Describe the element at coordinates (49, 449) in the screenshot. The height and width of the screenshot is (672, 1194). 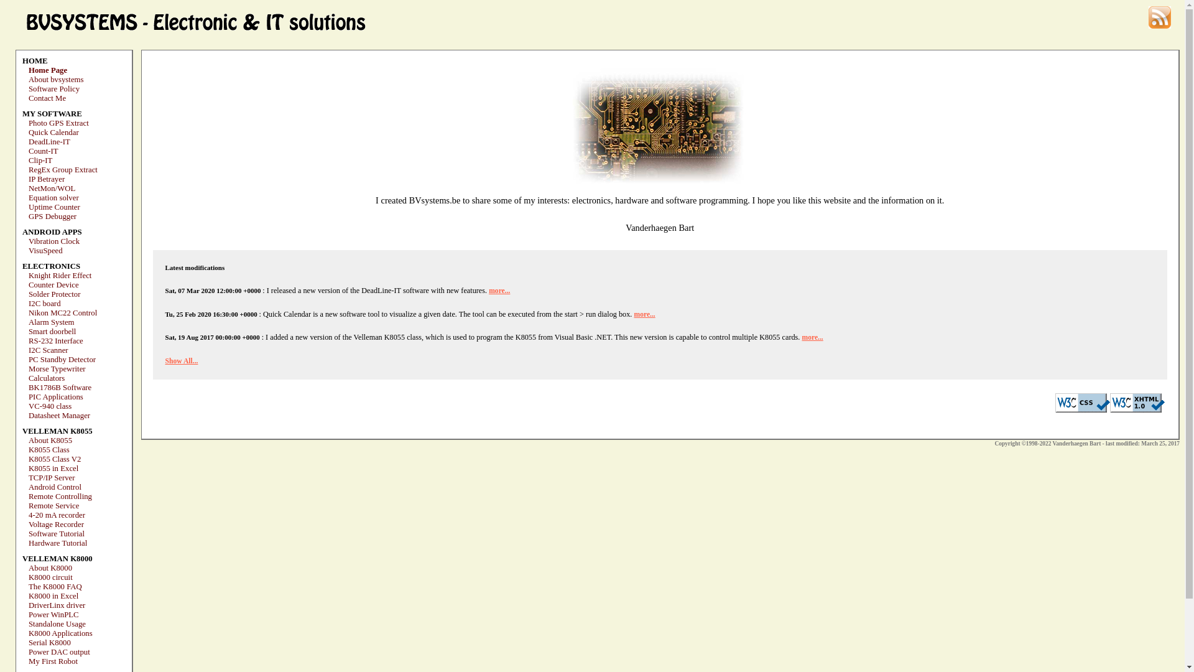
I see `'K8055 Class'` at that location.